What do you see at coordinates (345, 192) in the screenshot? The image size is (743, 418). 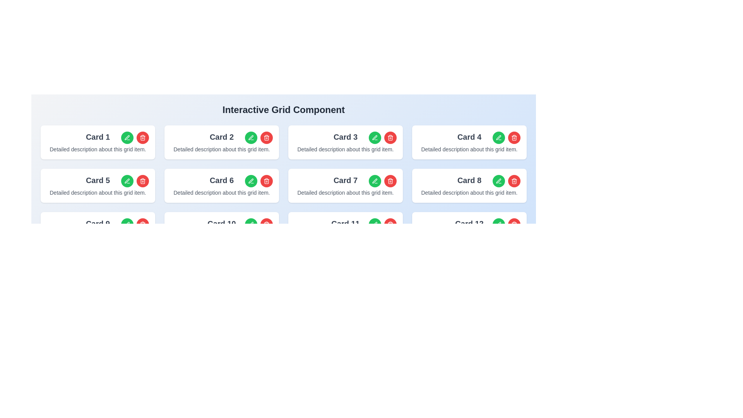 I see `the contextual text label that provides a description about 'Card 7', located at the bottom center of the card` at bounding box center [345, 192].